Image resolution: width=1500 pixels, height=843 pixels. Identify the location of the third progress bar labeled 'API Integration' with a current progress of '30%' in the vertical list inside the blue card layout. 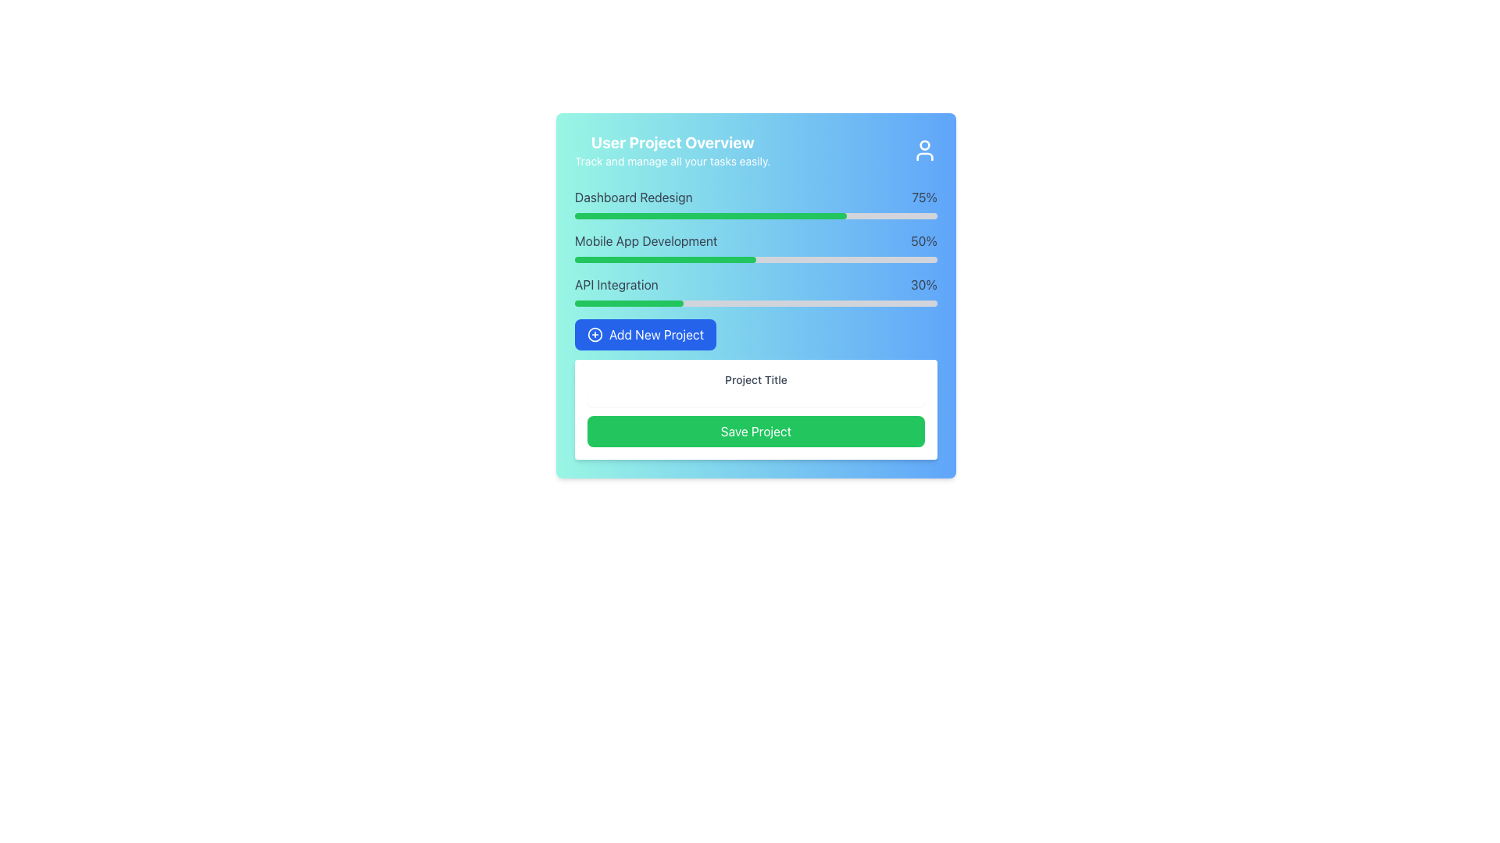
(756, 291).